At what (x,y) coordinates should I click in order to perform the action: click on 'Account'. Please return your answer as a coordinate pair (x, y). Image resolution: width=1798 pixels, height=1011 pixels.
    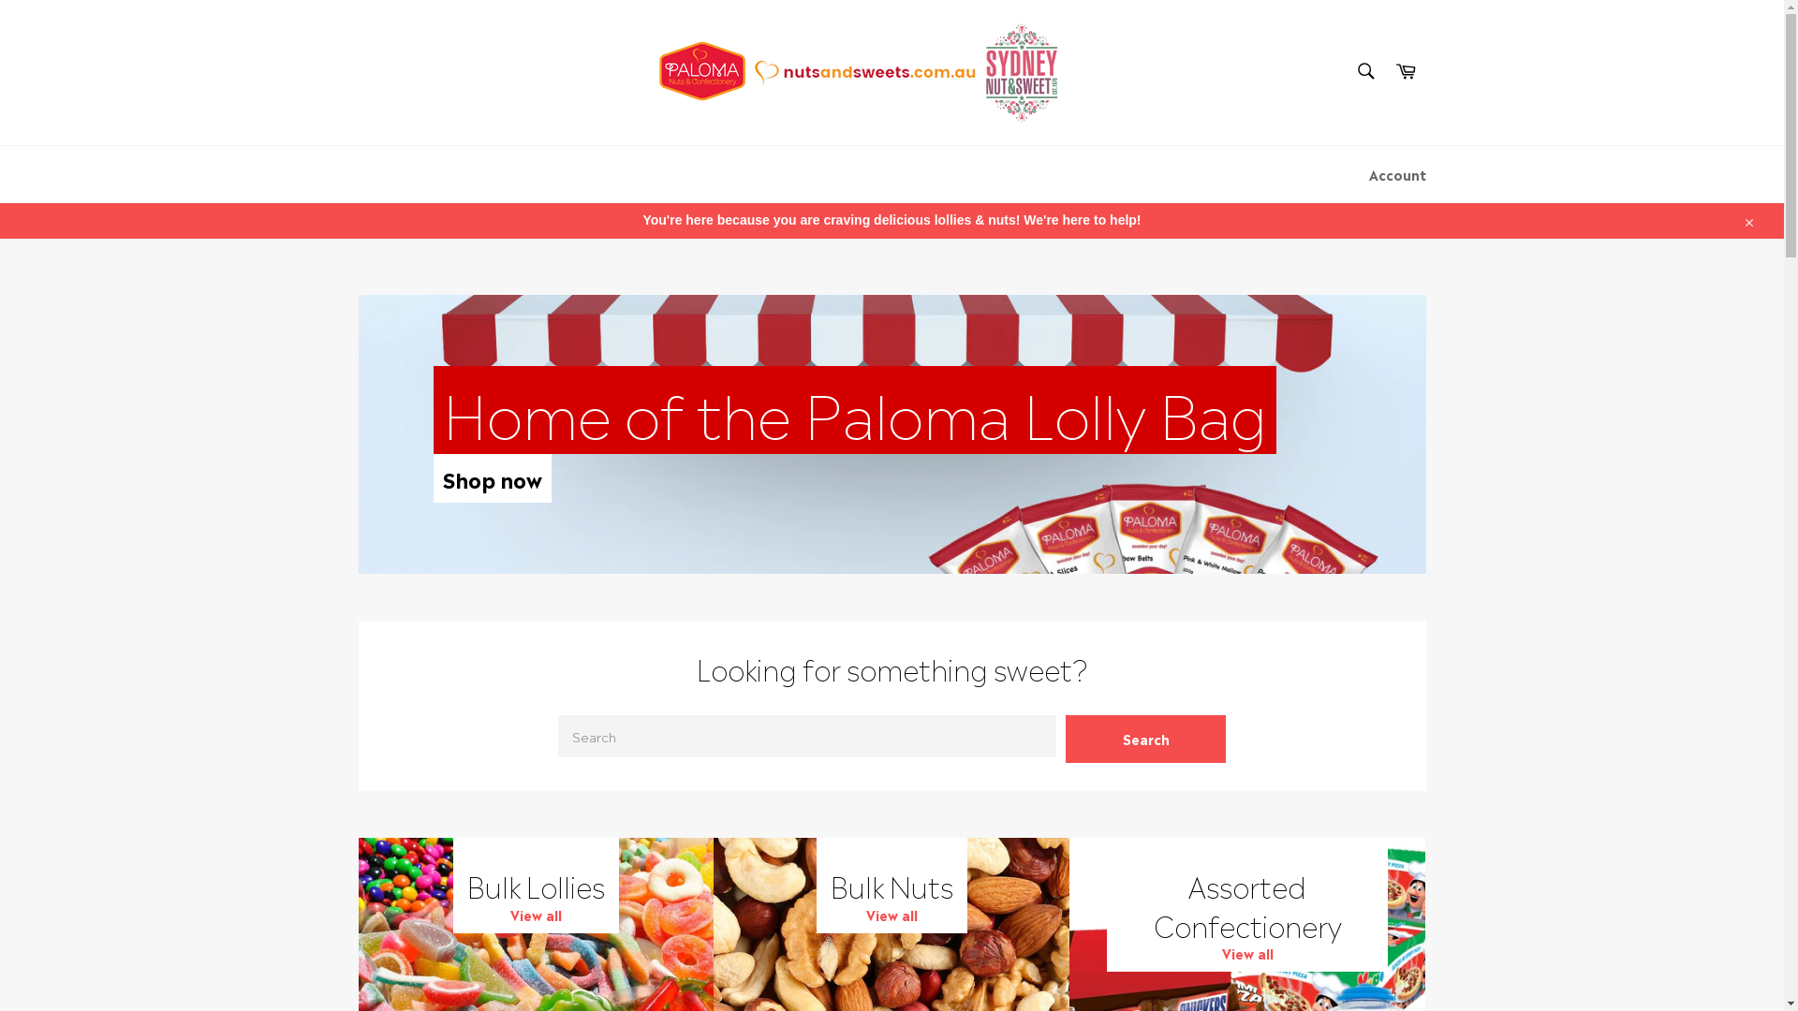
    Looking at the image, I should click on (1359, 174).